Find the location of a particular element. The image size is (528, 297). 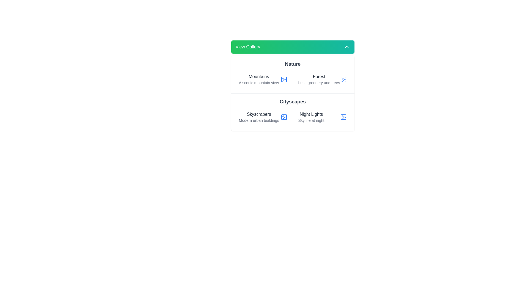

the 'Mountains' selection card located in the top row of the 'Nature' section is located at coordinates (263, 79).